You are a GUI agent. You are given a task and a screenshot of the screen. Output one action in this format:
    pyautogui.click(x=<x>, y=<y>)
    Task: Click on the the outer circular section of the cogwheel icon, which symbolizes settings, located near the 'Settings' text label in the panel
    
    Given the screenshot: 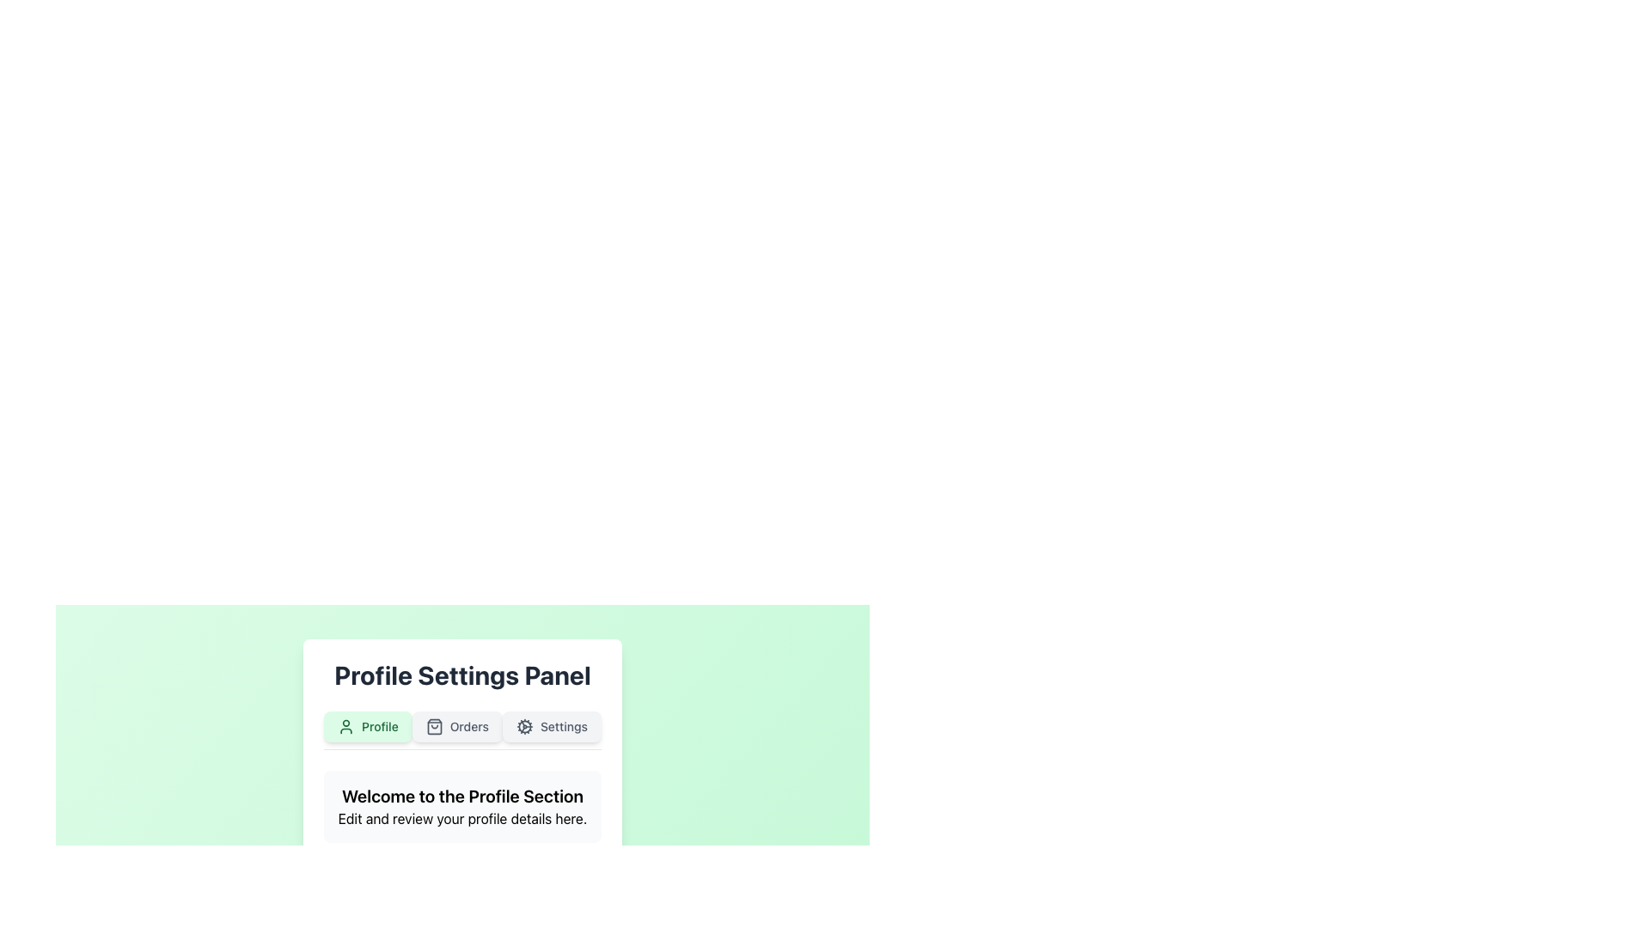 What is the action you would take?
    pyautogui.click(x=523, y=726)
    